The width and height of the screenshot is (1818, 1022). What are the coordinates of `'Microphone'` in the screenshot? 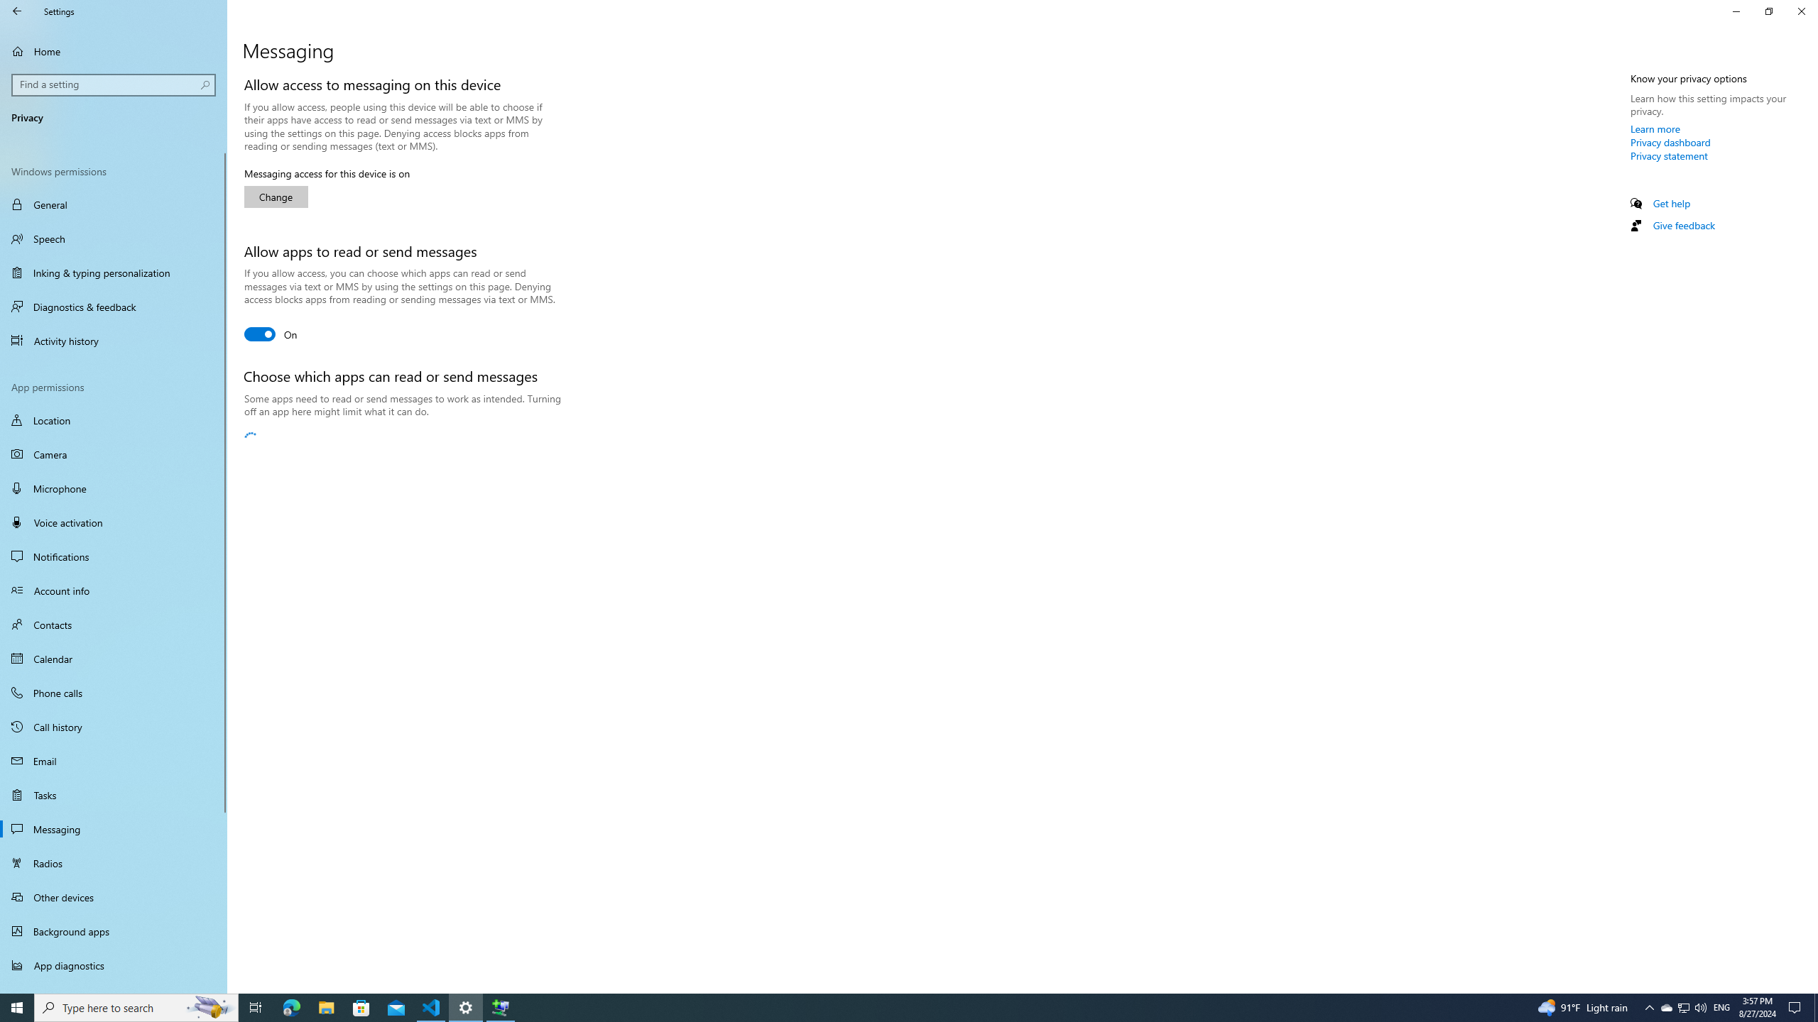 It's located at (113, 487).